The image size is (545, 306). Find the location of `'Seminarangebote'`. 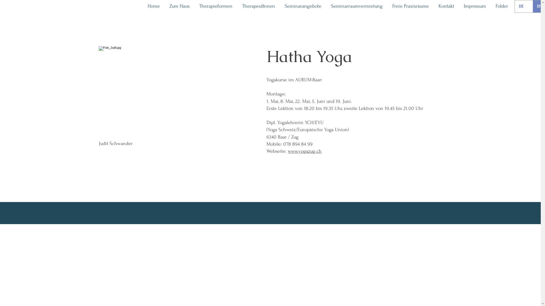

'Seminarangebote' is located at coordinates (303, 6).